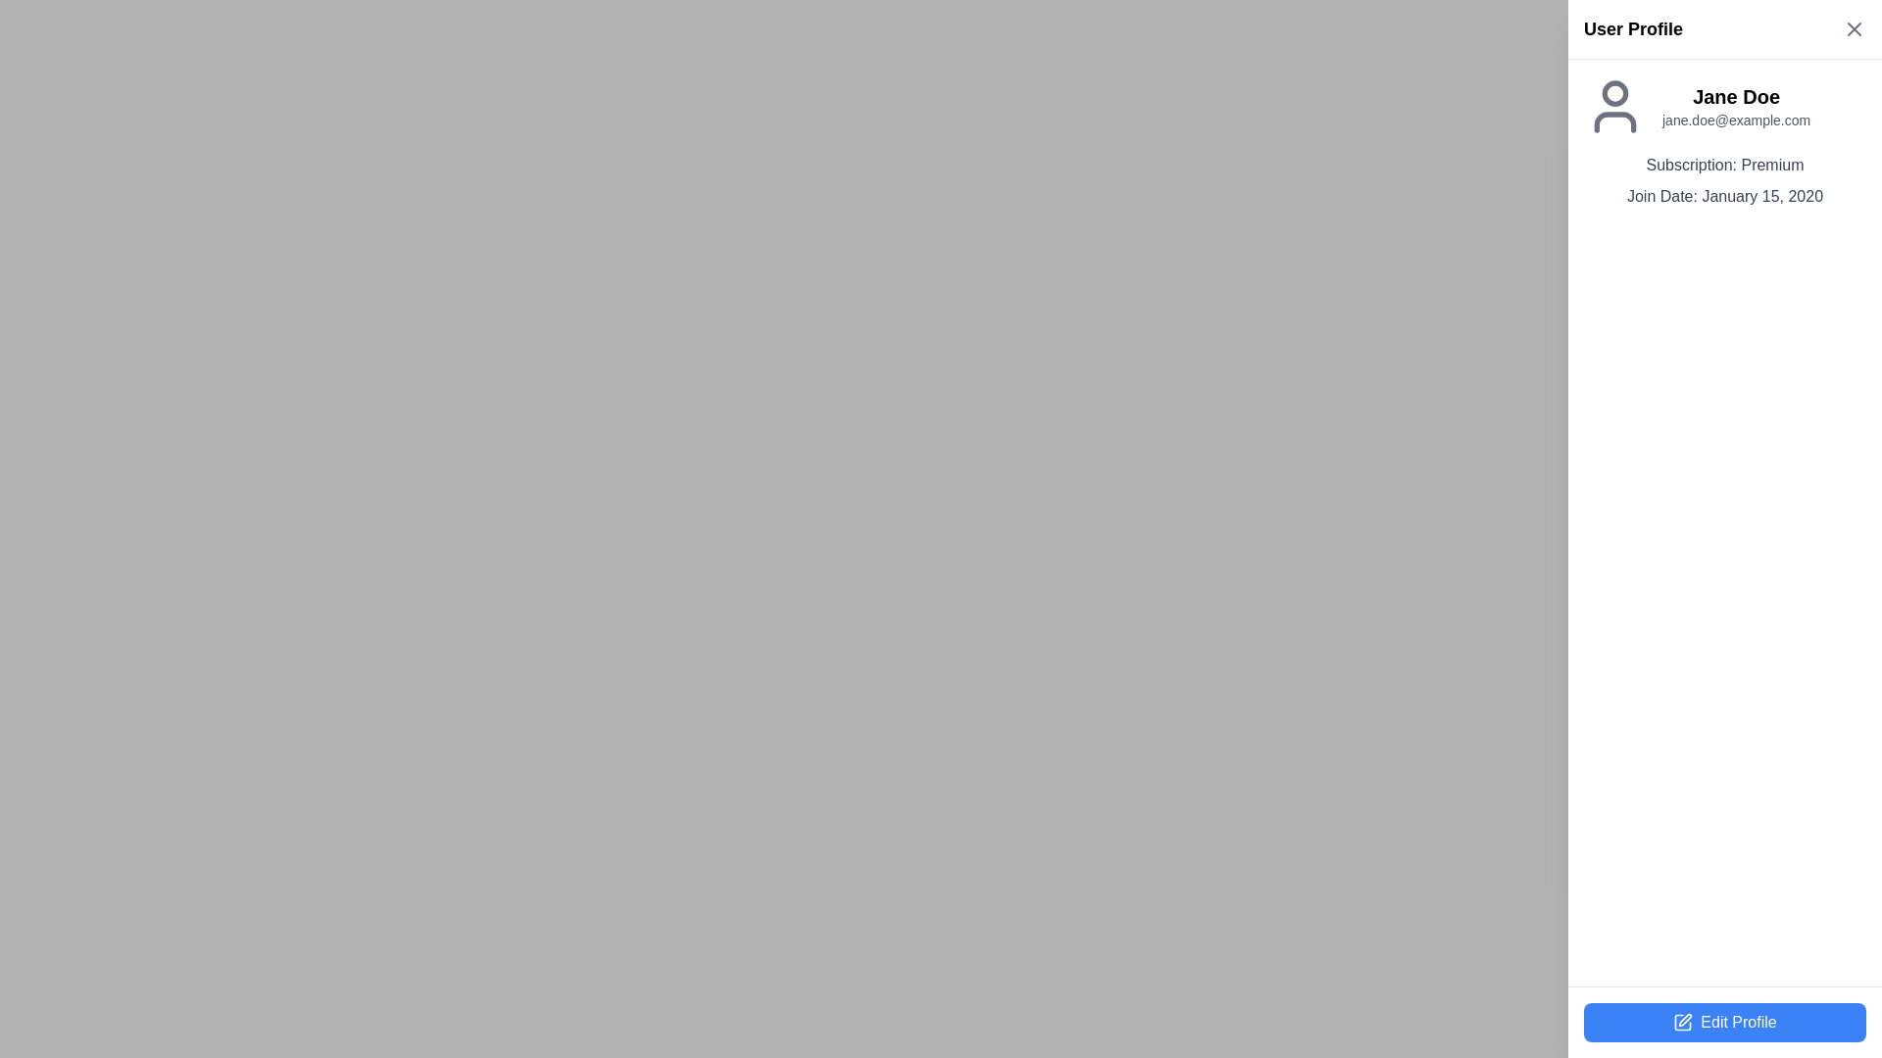 This screenshot has height=1058, width=1882. What do you see at coordinates (1853, 29) in the screenshot?
I see `the close button located in the top right corner of the 'User Profile' panel` at bounding box center [1853, 29].